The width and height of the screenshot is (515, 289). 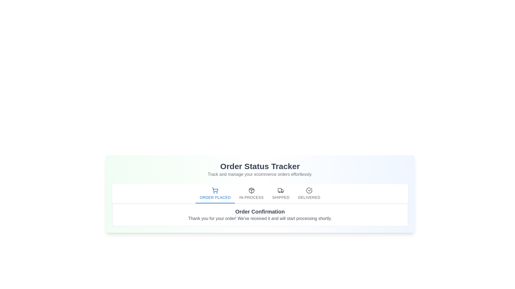 What do you see at coordinates (309, 194) in the screenshot?
I see `the 'Delivered' button tab, which is the last tab in the 'Order Status Tabs' bar, featuring a circular checkmark icon to indicate delivery status` at bounding box center [309, 194].